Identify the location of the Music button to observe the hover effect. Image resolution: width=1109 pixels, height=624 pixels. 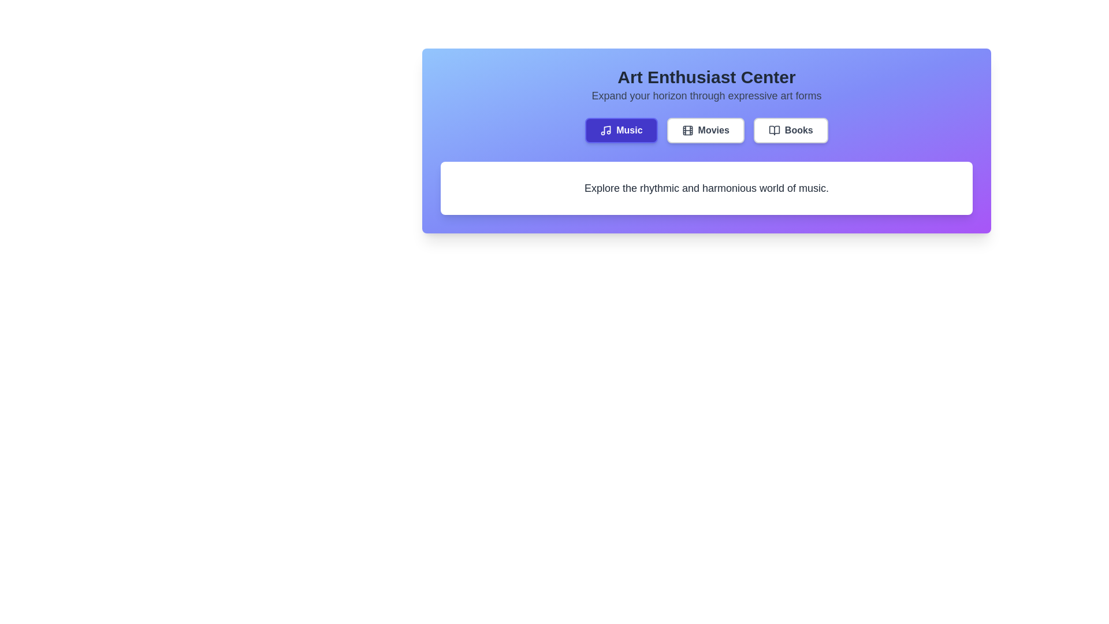
(620, 130).